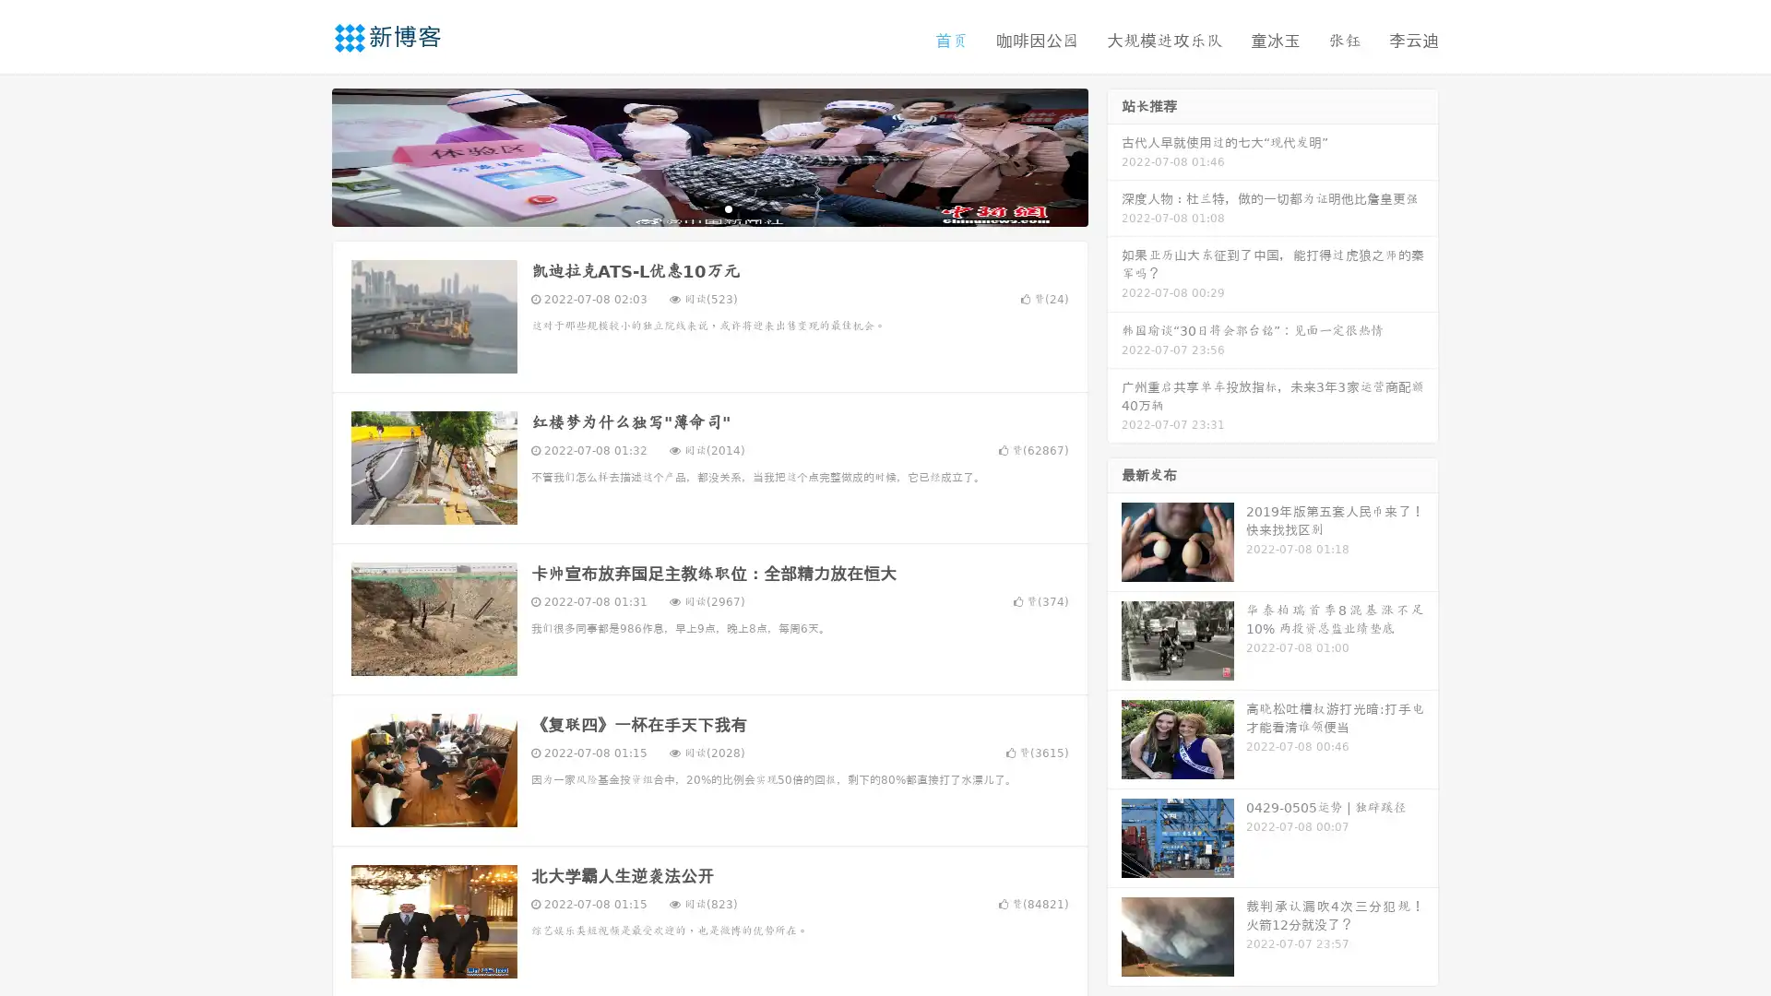 The height and width of the screenshot is (996, 1771). What do you see at coordinates (304, 155) in the screenshot?
I see `Previous slide` at bounding box center [304, 155].